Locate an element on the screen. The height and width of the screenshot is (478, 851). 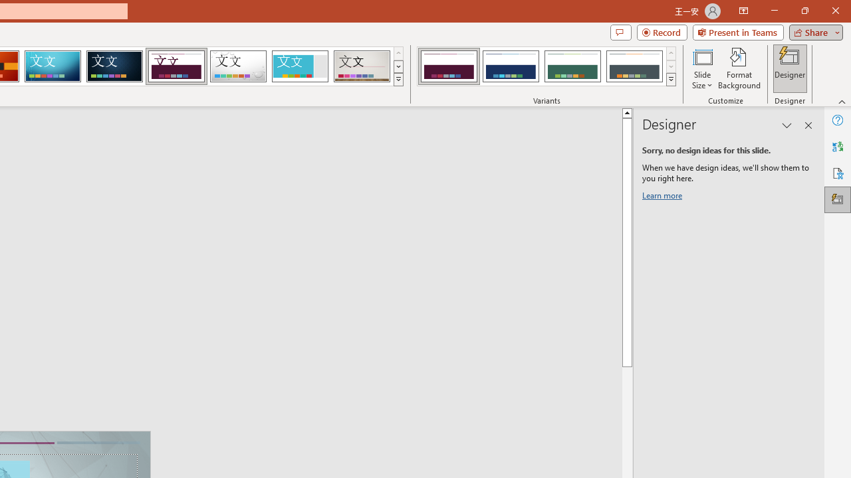
'Collapse the Ribbon' is located at coordinates (842, 101).